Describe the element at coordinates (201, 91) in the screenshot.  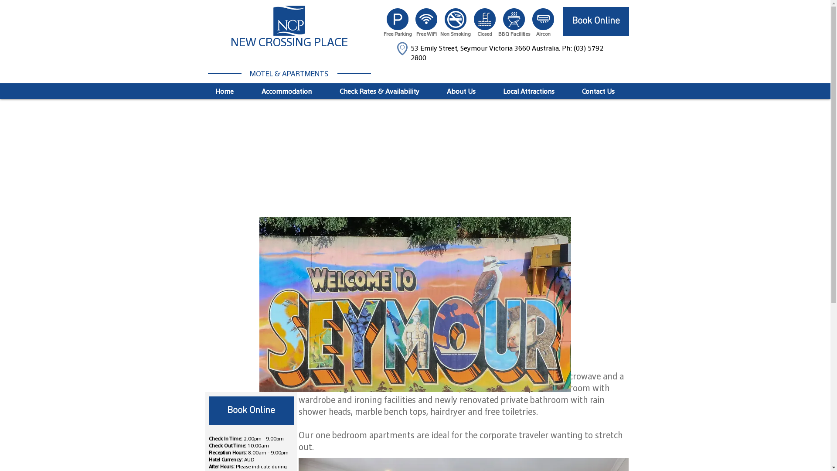
I see `'Home'` at that location.